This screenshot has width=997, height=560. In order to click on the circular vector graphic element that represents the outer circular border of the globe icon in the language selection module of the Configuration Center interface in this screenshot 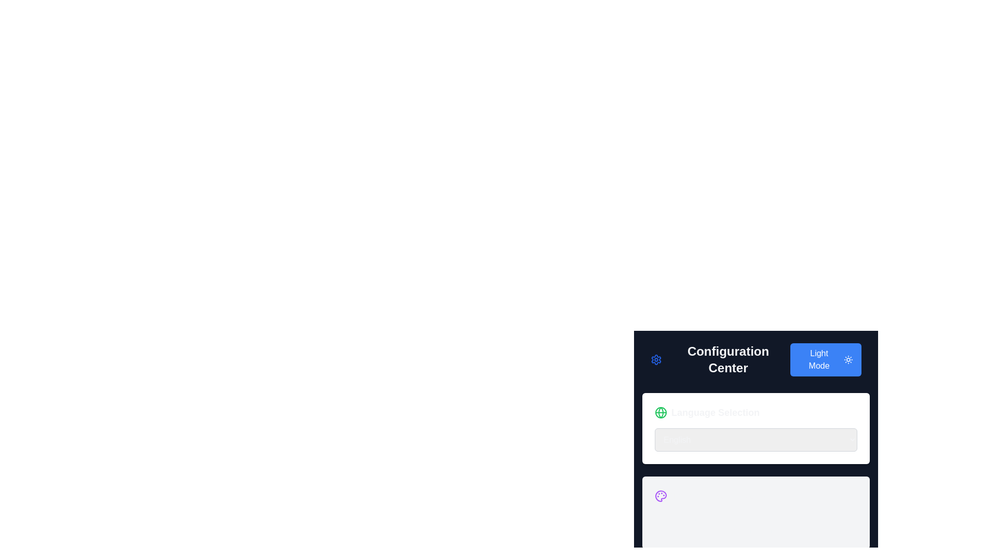, I will do `click(660, 412)`.